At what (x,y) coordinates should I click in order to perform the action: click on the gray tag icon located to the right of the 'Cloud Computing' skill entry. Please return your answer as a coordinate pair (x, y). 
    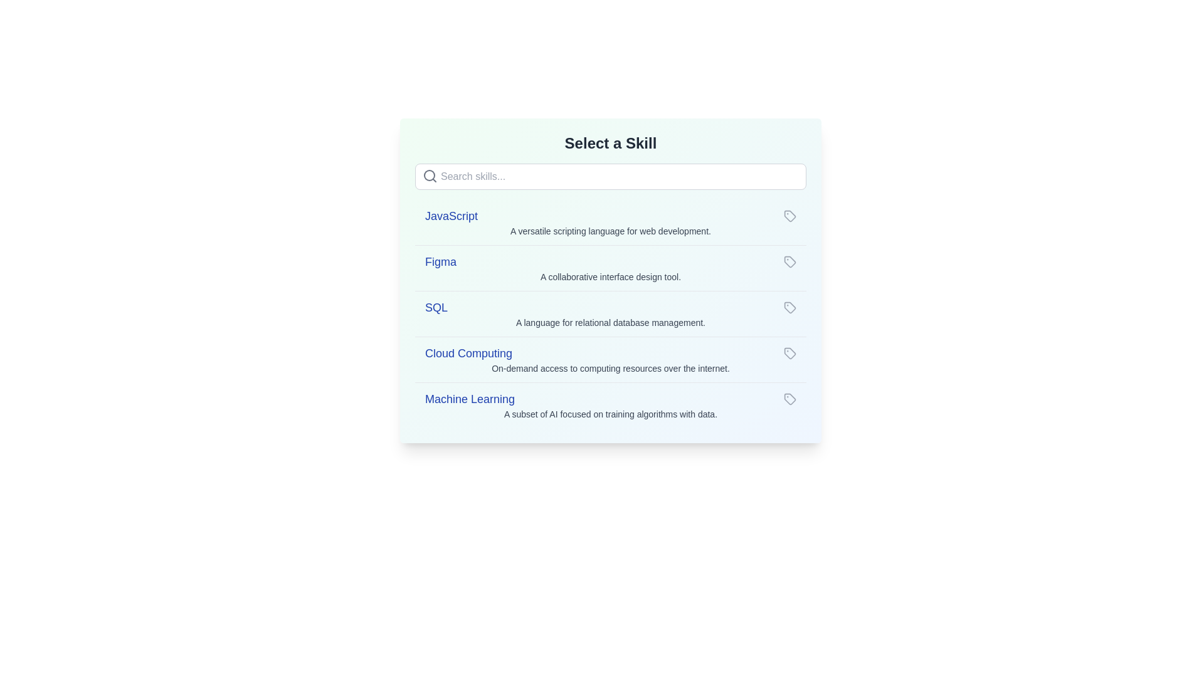
    Looking at the image, I should click on (789, 353).